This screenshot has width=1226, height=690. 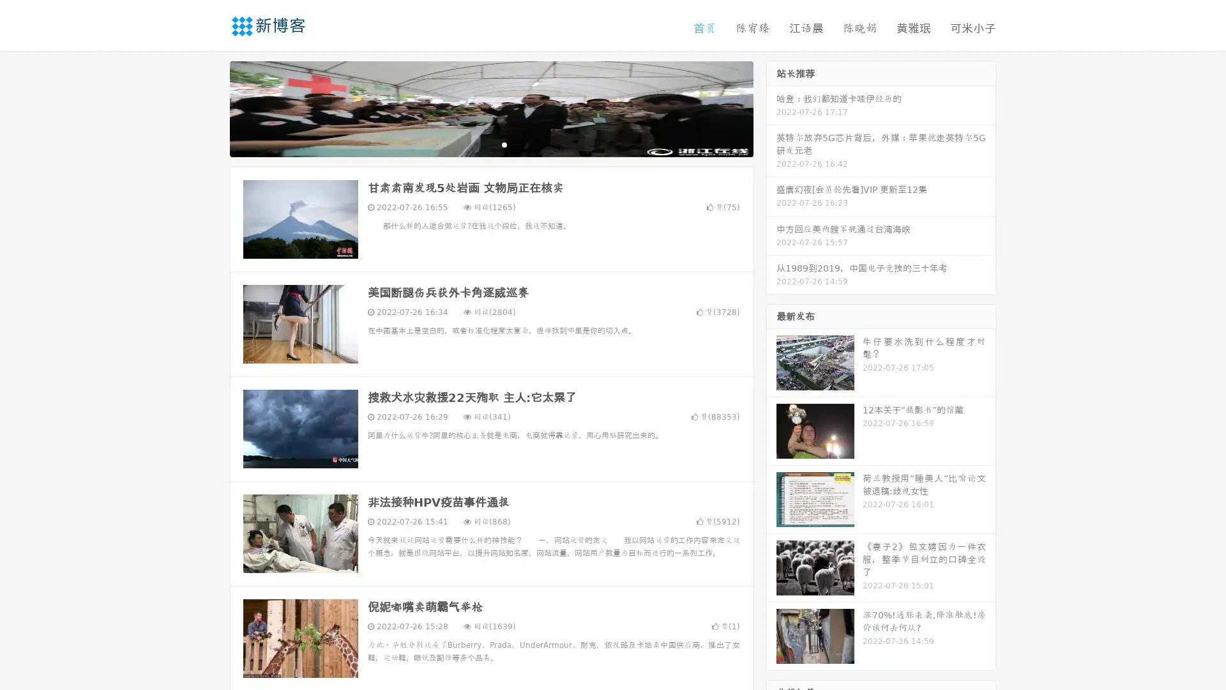 I want to click on Previous slide, so click(x=211, y=107).